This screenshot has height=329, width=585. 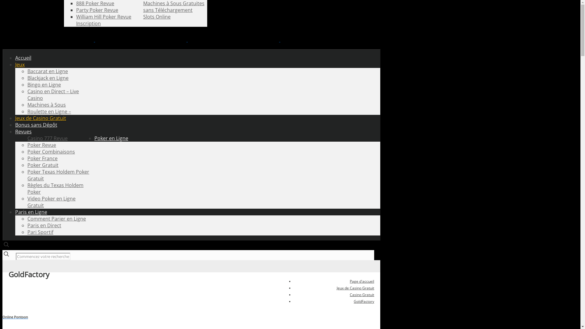 What do you see at coordinates (57, 218) in the screenshot?
I see `'Comment Parier en Ligne'` at bounding box center [57, 218].